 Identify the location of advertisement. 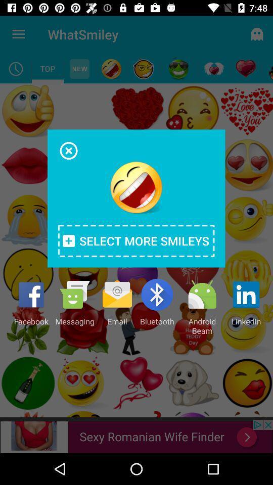
(68, 150).